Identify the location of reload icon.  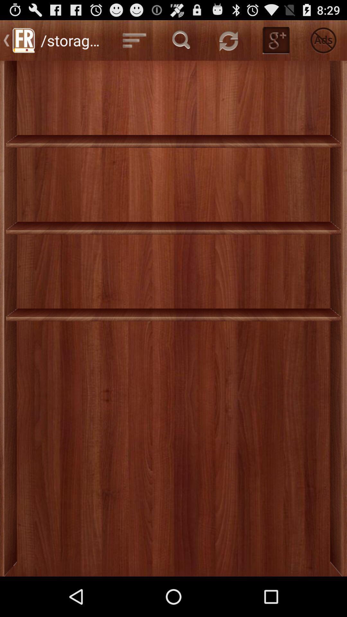
(228, 40).